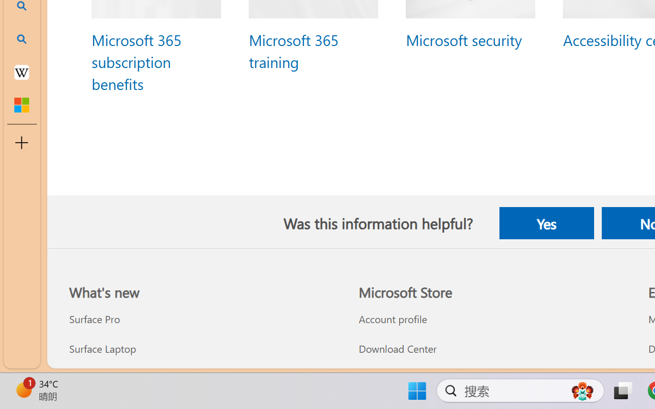 The image size is (655, 409). I want to click on 'Microsoft 365 subscription benefits', so click(136, 61).